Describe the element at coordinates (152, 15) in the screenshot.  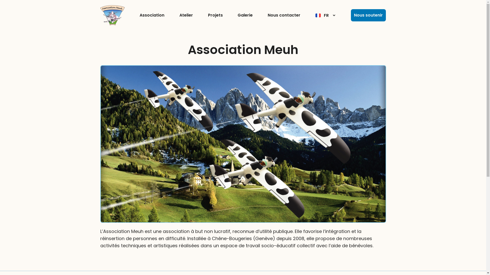
I see `'Association'` at that location.